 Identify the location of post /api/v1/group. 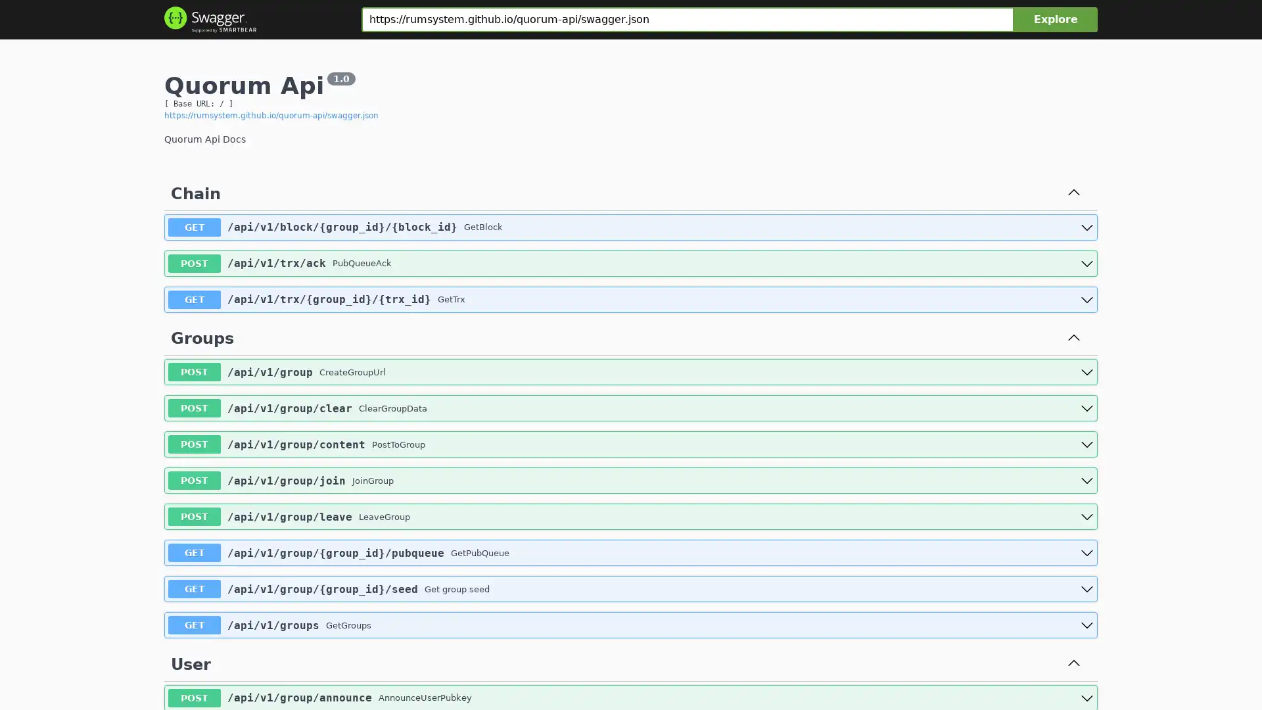
(631, 372).